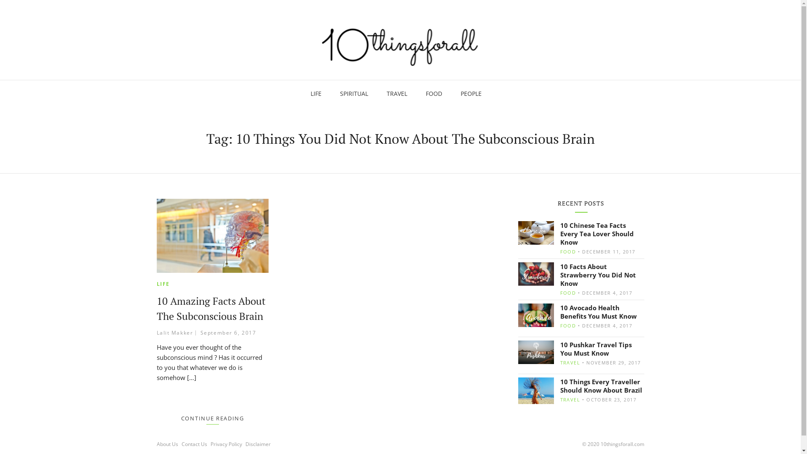  What do you see at coordinates (310, 92) in the screenshot?
I see `'LIFE'` at bounding box center [310, 92].